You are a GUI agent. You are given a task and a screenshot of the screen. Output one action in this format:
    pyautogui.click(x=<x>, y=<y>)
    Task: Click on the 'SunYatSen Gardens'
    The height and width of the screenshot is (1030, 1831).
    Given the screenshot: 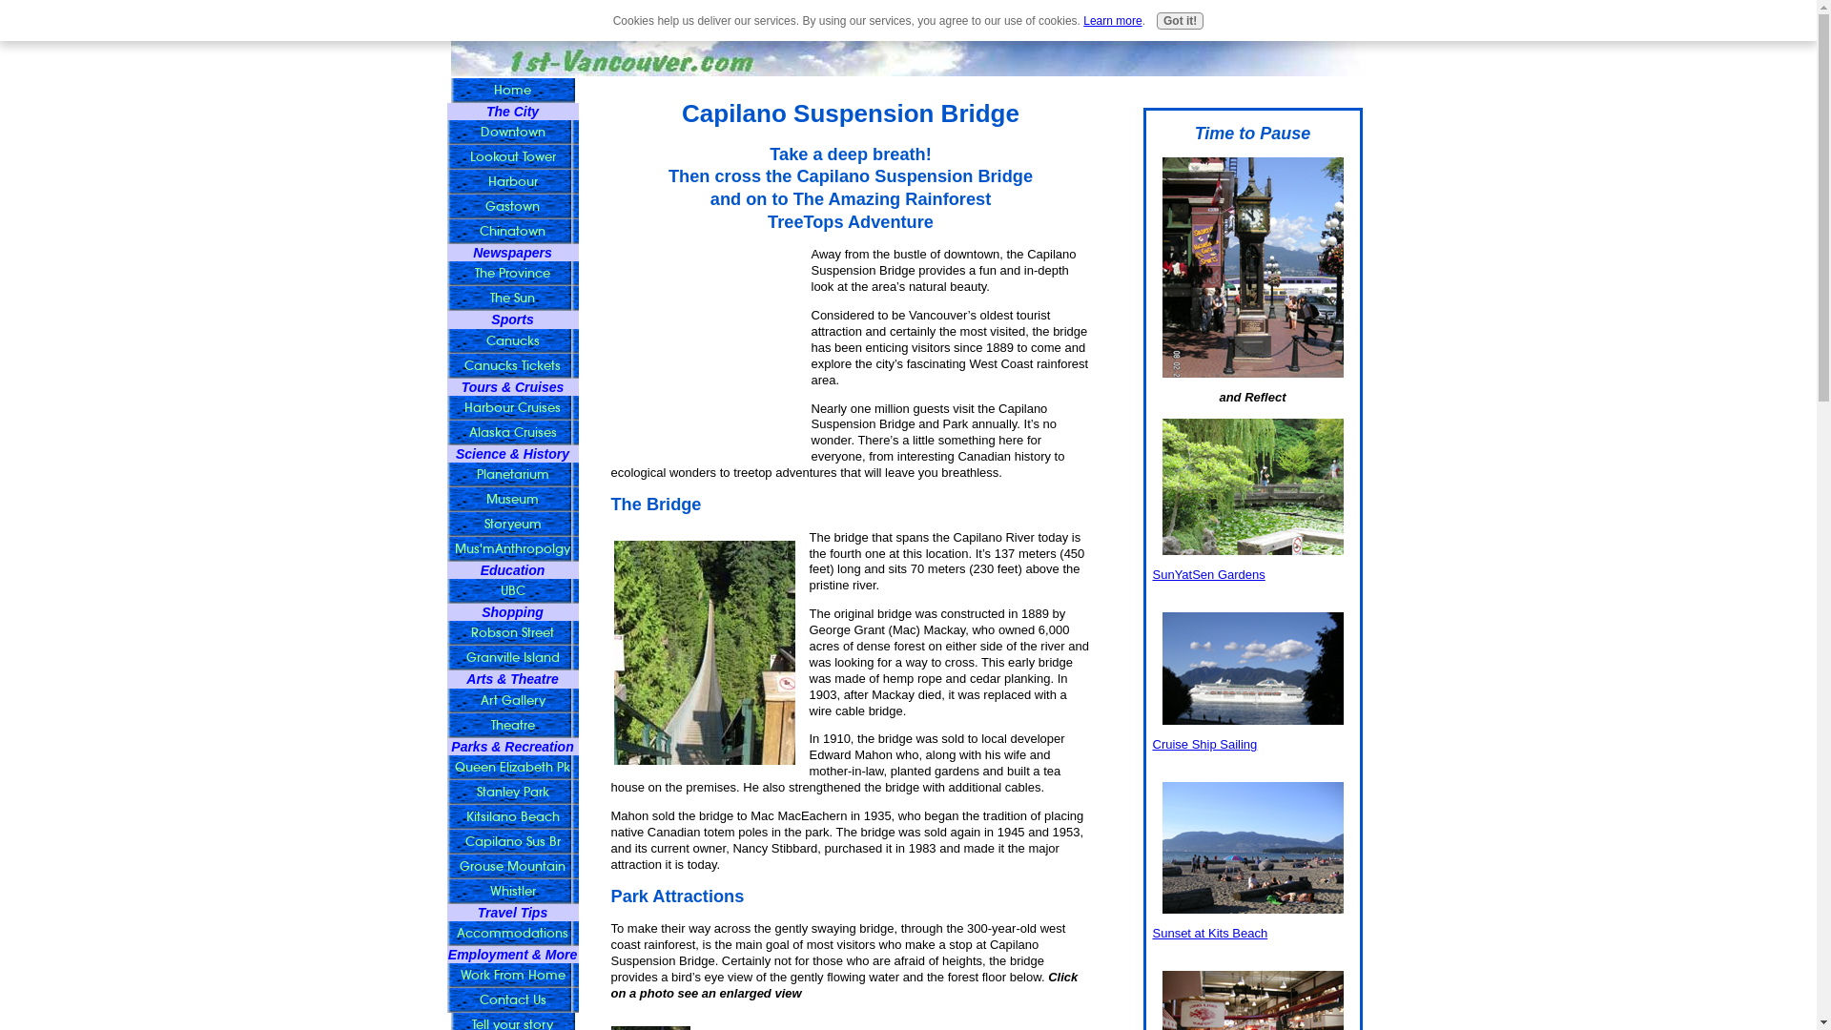 What is the action you would take?
    pyautogui.click(x=1207, y=573)
    